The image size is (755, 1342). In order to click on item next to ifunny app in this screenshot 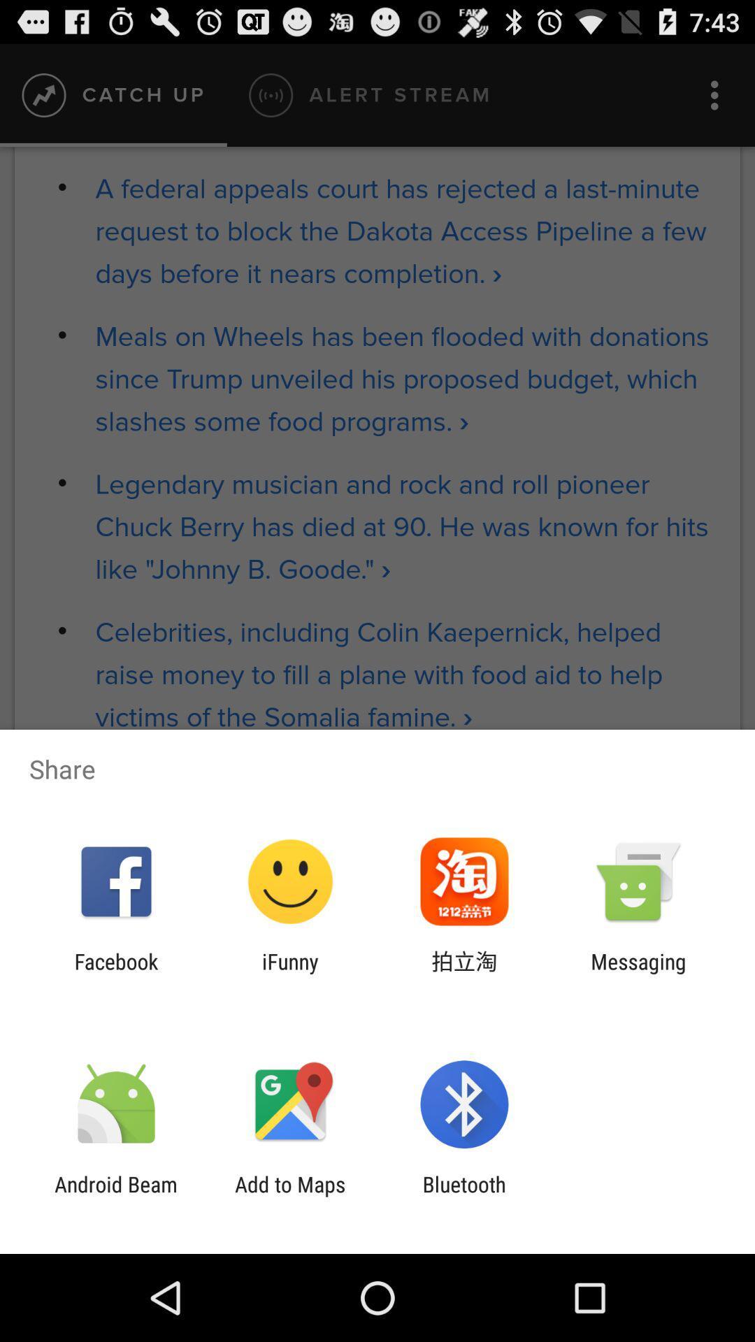, I will do `click(464, 973)`.